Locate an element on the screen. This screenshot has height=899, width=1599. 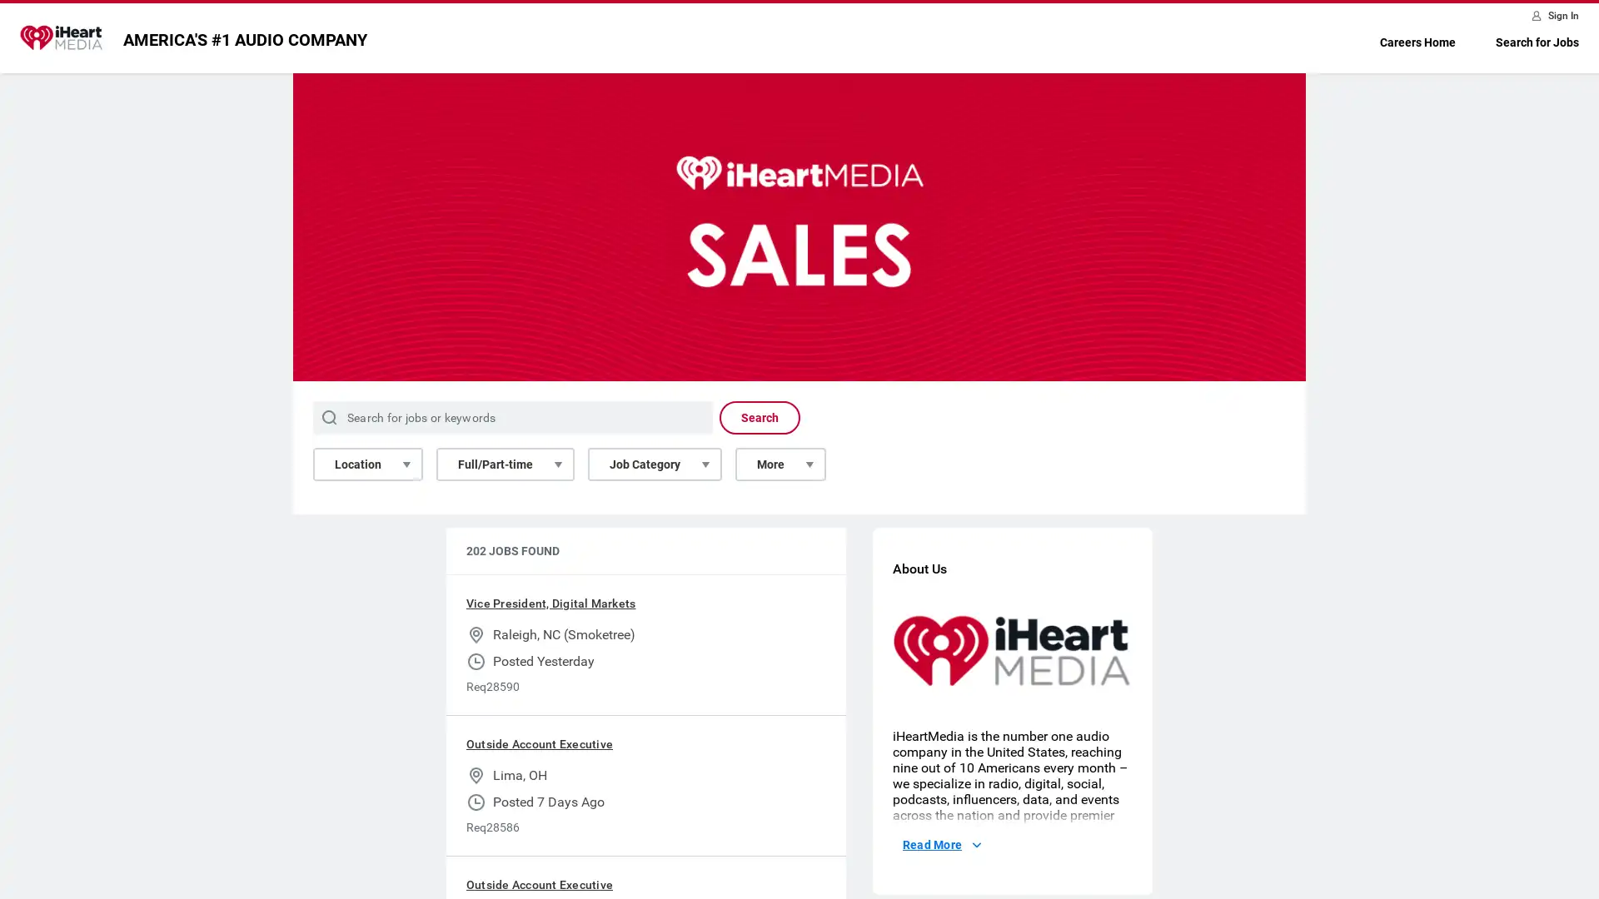
Job Category is located at coordinates (654, 464).